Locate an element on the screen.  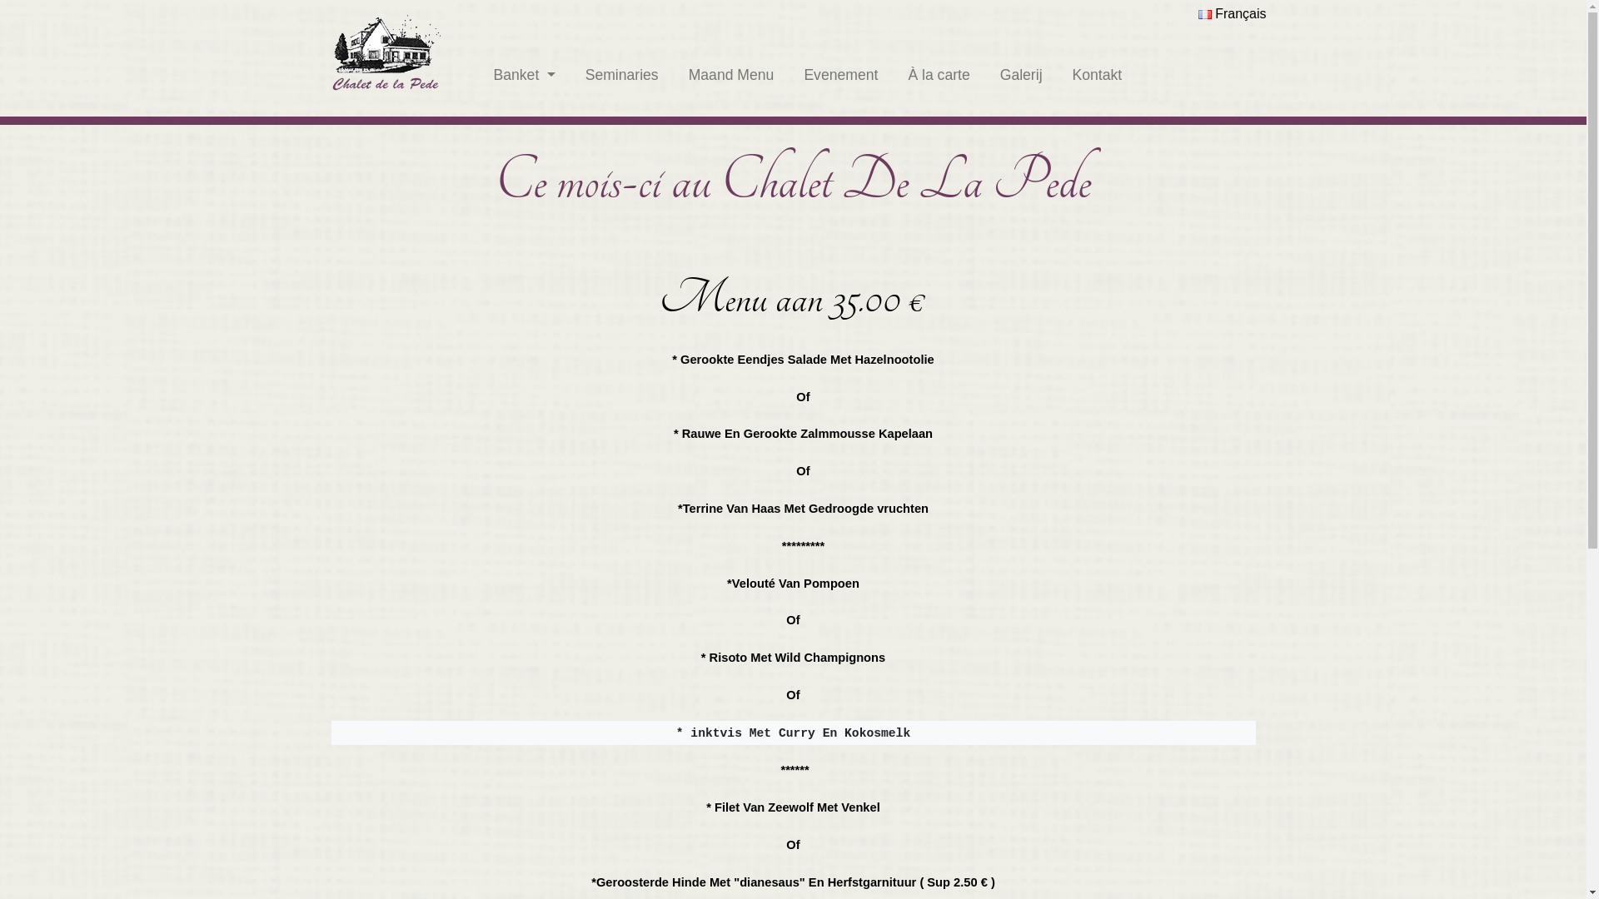
'Maand Menu' is located at coordinates (731, 73).